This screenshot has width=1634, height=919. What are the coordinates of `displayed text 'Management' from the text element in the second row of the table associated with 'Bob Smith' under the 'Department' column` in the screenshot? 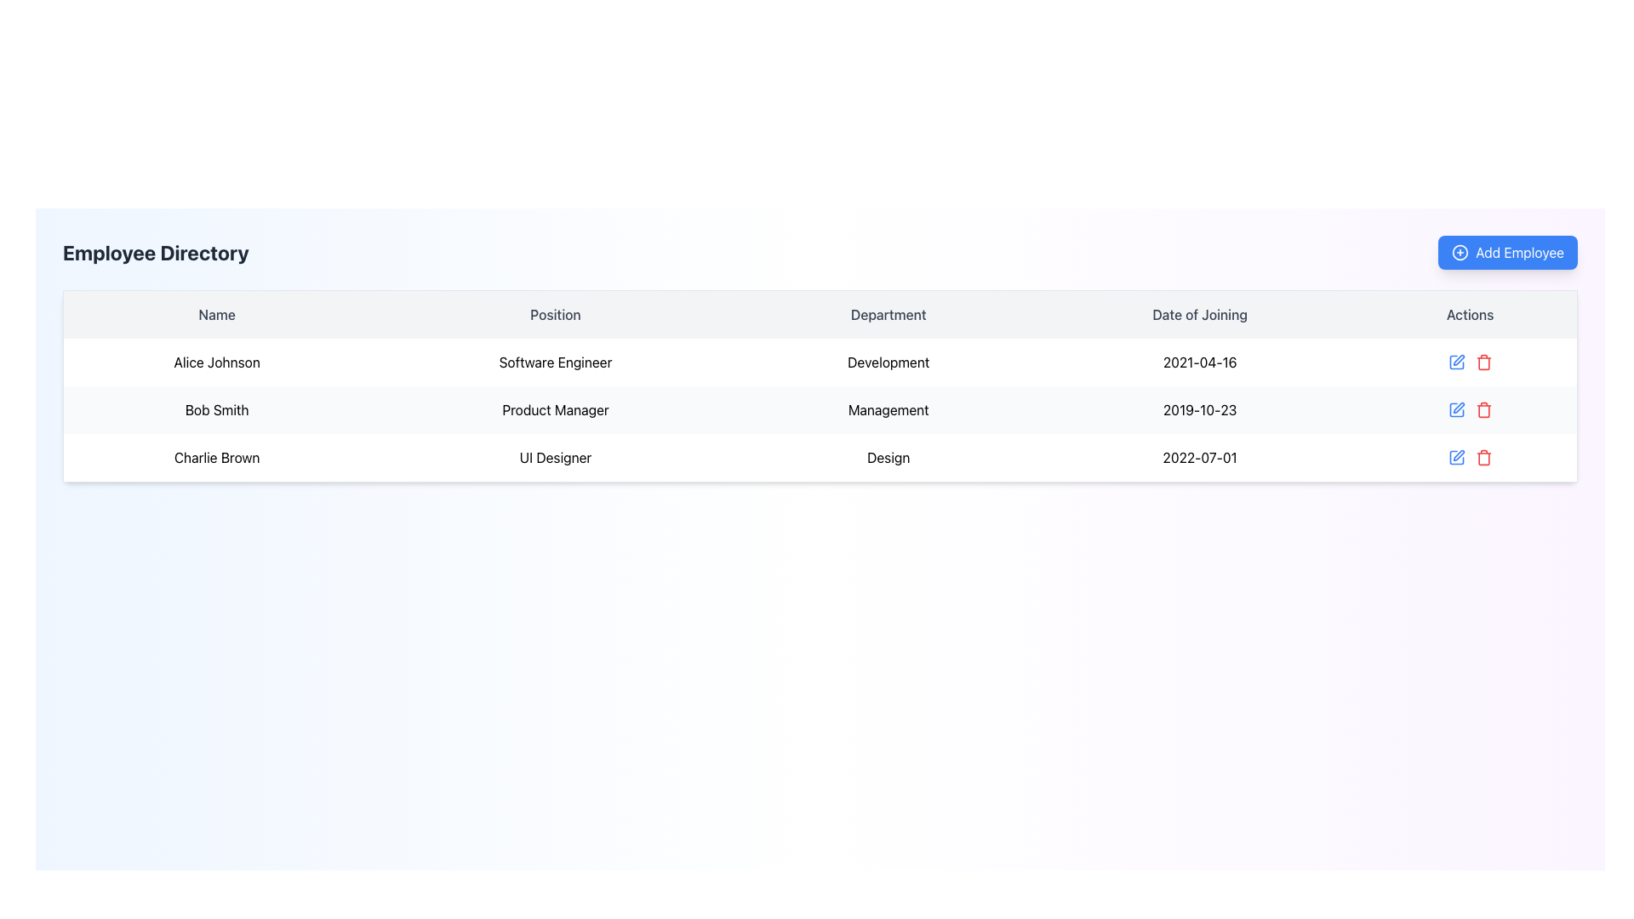 It's located at (888, 410).